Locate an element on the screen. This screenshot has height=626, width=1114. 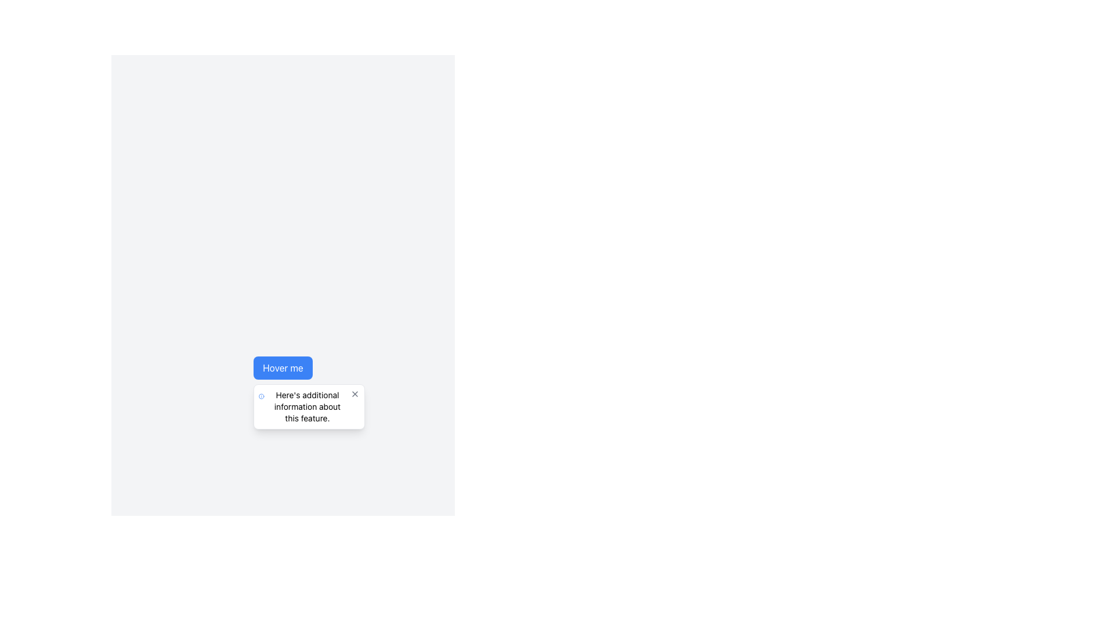
content displayed in the tooltip that appears below the 'Hover me' button is located at coordinates (307, 406).